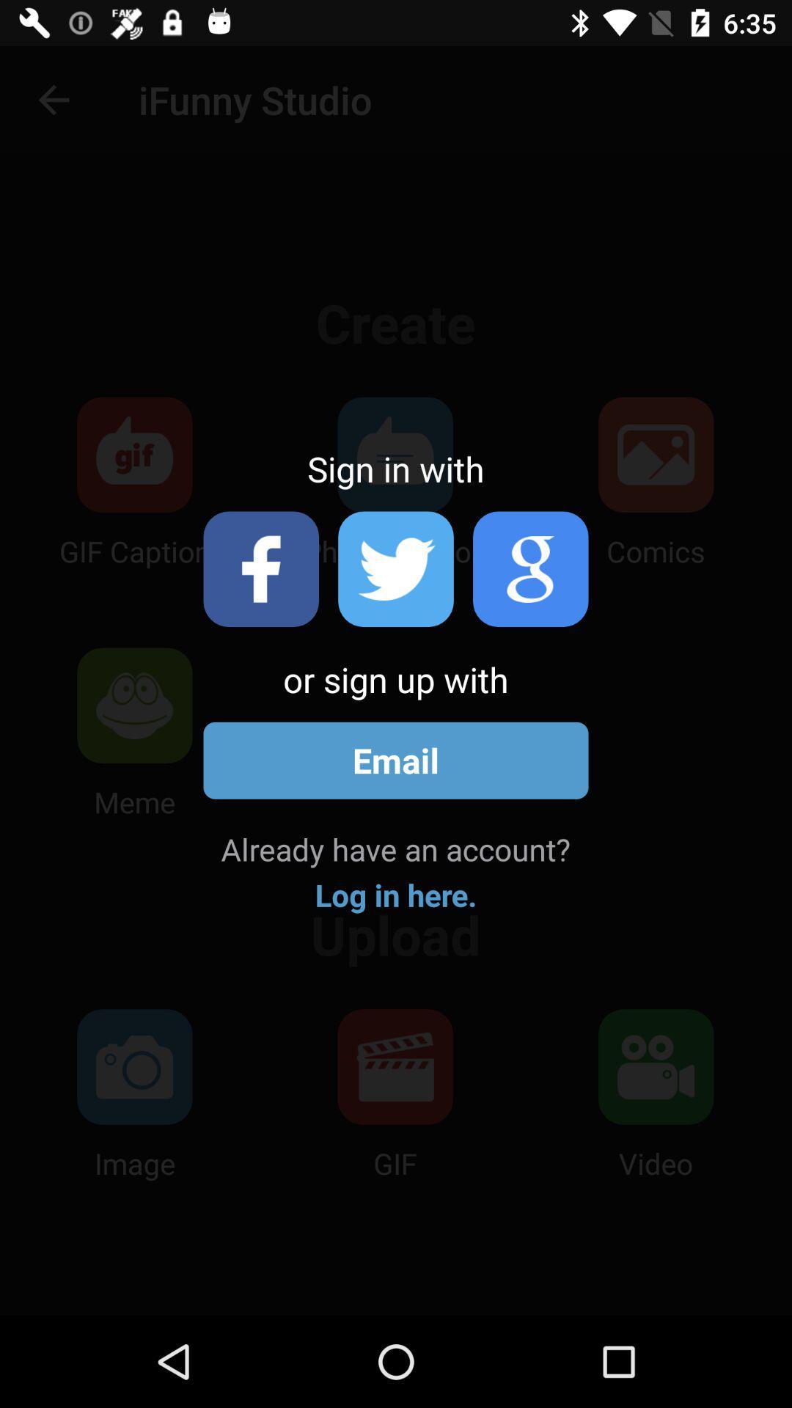 The height and width of the screenshot is (1408, 792). Describe the element at coordinates (396, 568) in the screenshot. I see `sign in with the twitter account` at that location.